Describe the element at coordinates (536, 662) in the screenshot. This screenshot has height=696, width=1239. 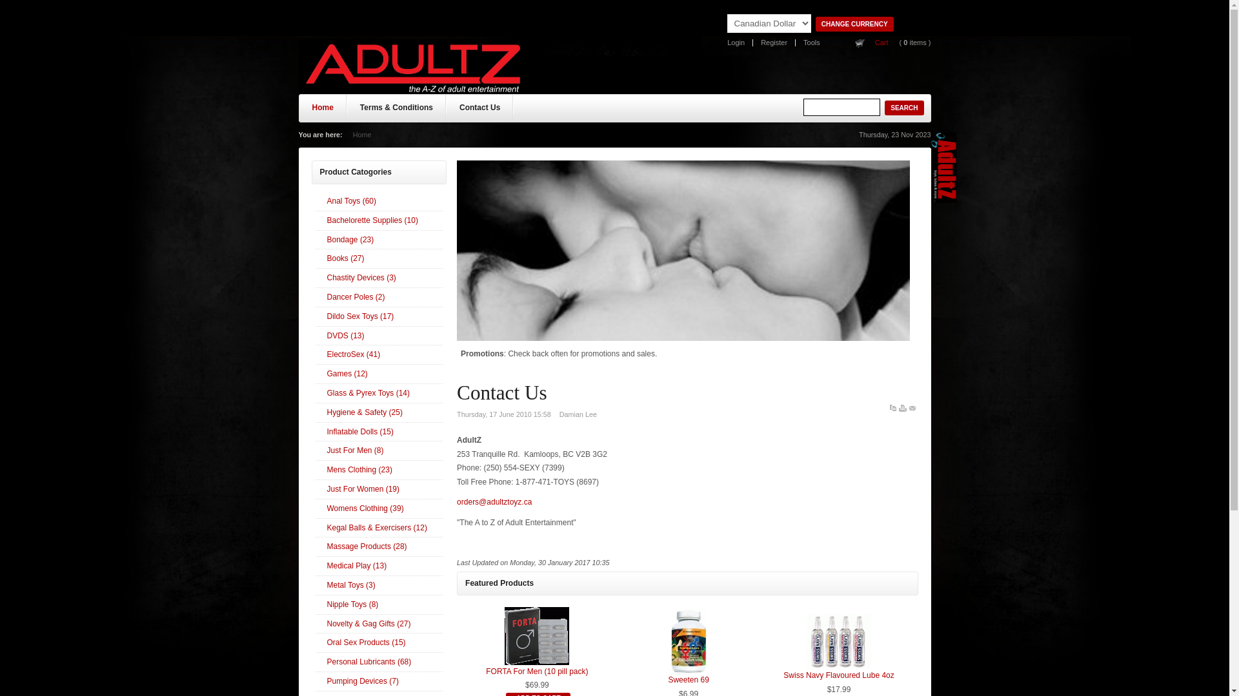
I see `'FORTA For Men (10 pill pack)'` at that location.